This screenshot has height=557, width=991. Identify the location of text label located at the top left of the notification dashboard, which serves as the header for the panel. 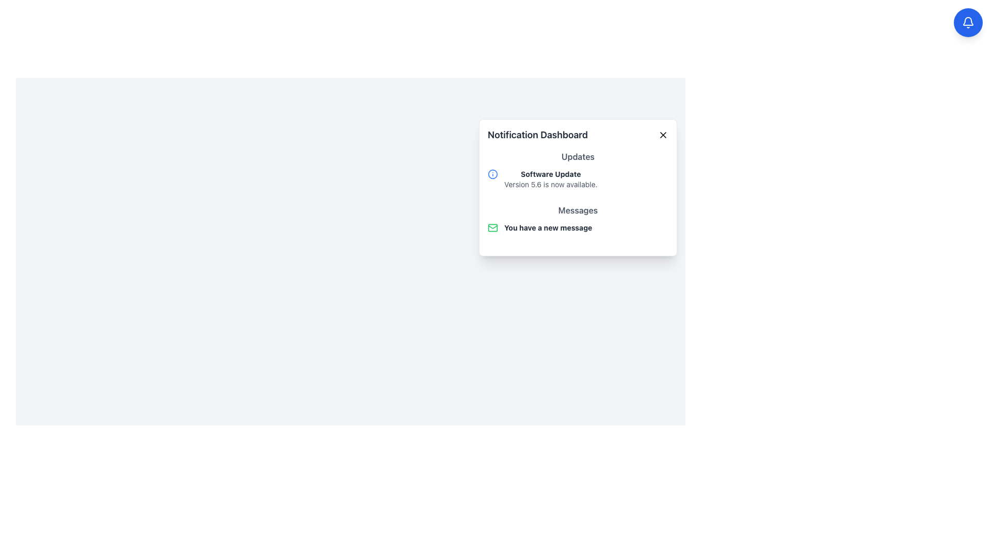
(577, 135).